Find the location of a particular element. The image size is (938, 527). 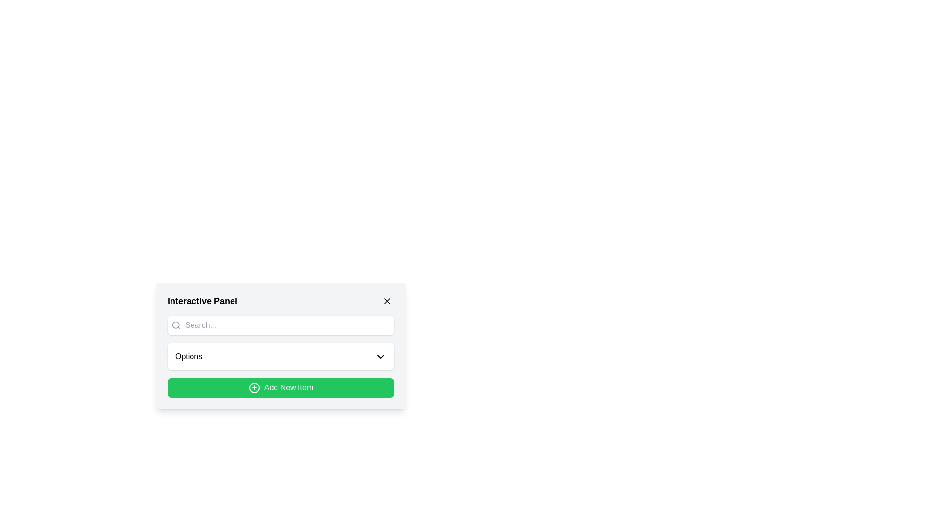

the SVG graphic component representing the 'Add New Item' action, located at the center of the green button in the lower section of the interactive panel is located at coordinates (254, 387).